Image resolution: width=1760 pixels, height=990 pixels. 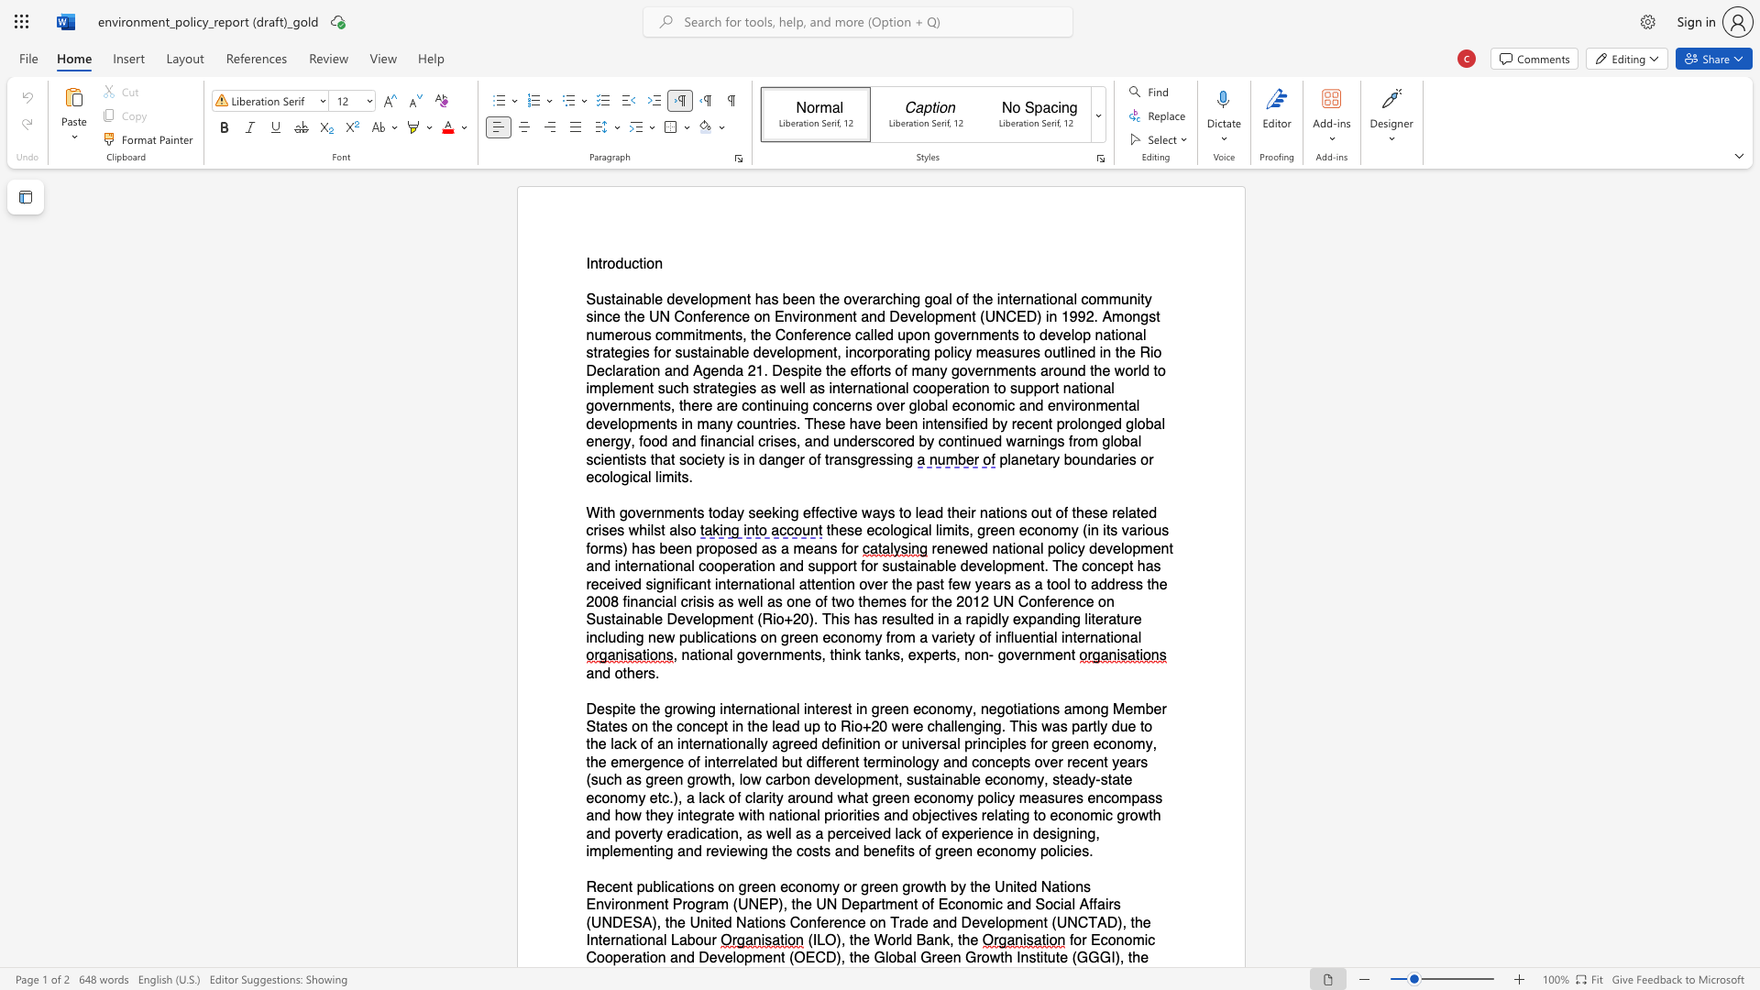 What do you see at coordinates (802, 654) in the screenshot?
I see `the subset text "nts, think tanks" within the text ", national governments, think tanks, experts, non‐ government"` at bounding box center [802, 654].